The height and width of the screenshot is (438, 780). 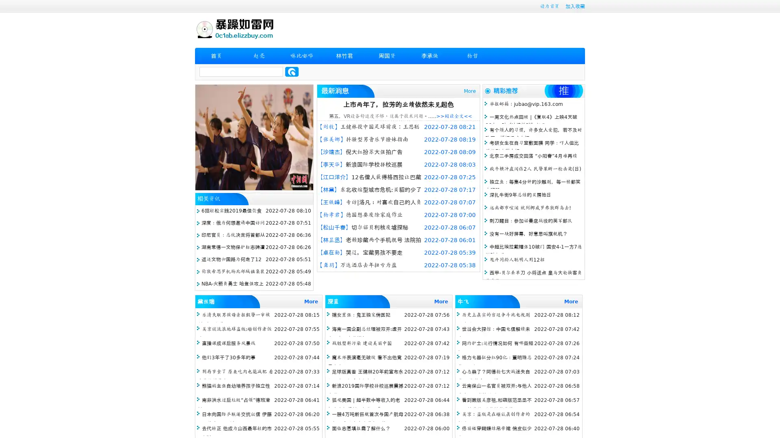 I want to click on Search, so click(x=292, y=71).